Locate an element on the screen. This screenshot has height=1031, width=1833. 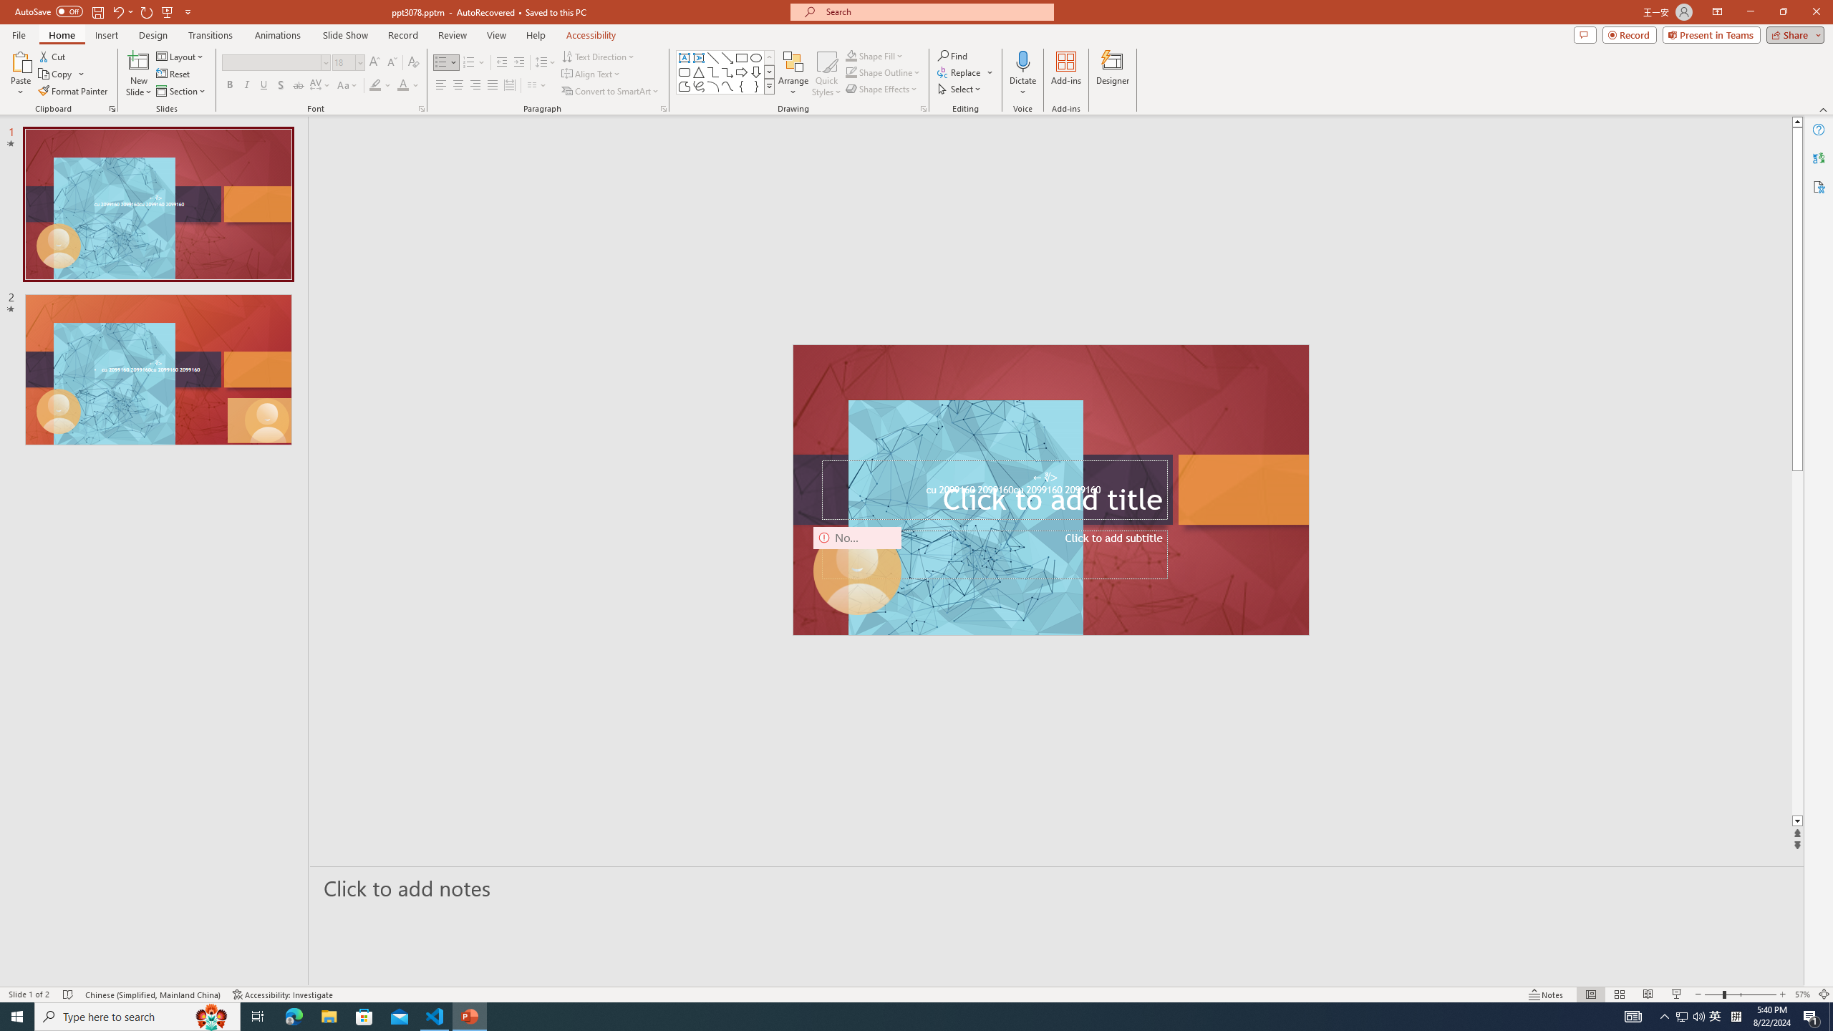
'Clear Formatting' is located at coordinates (412, 62).